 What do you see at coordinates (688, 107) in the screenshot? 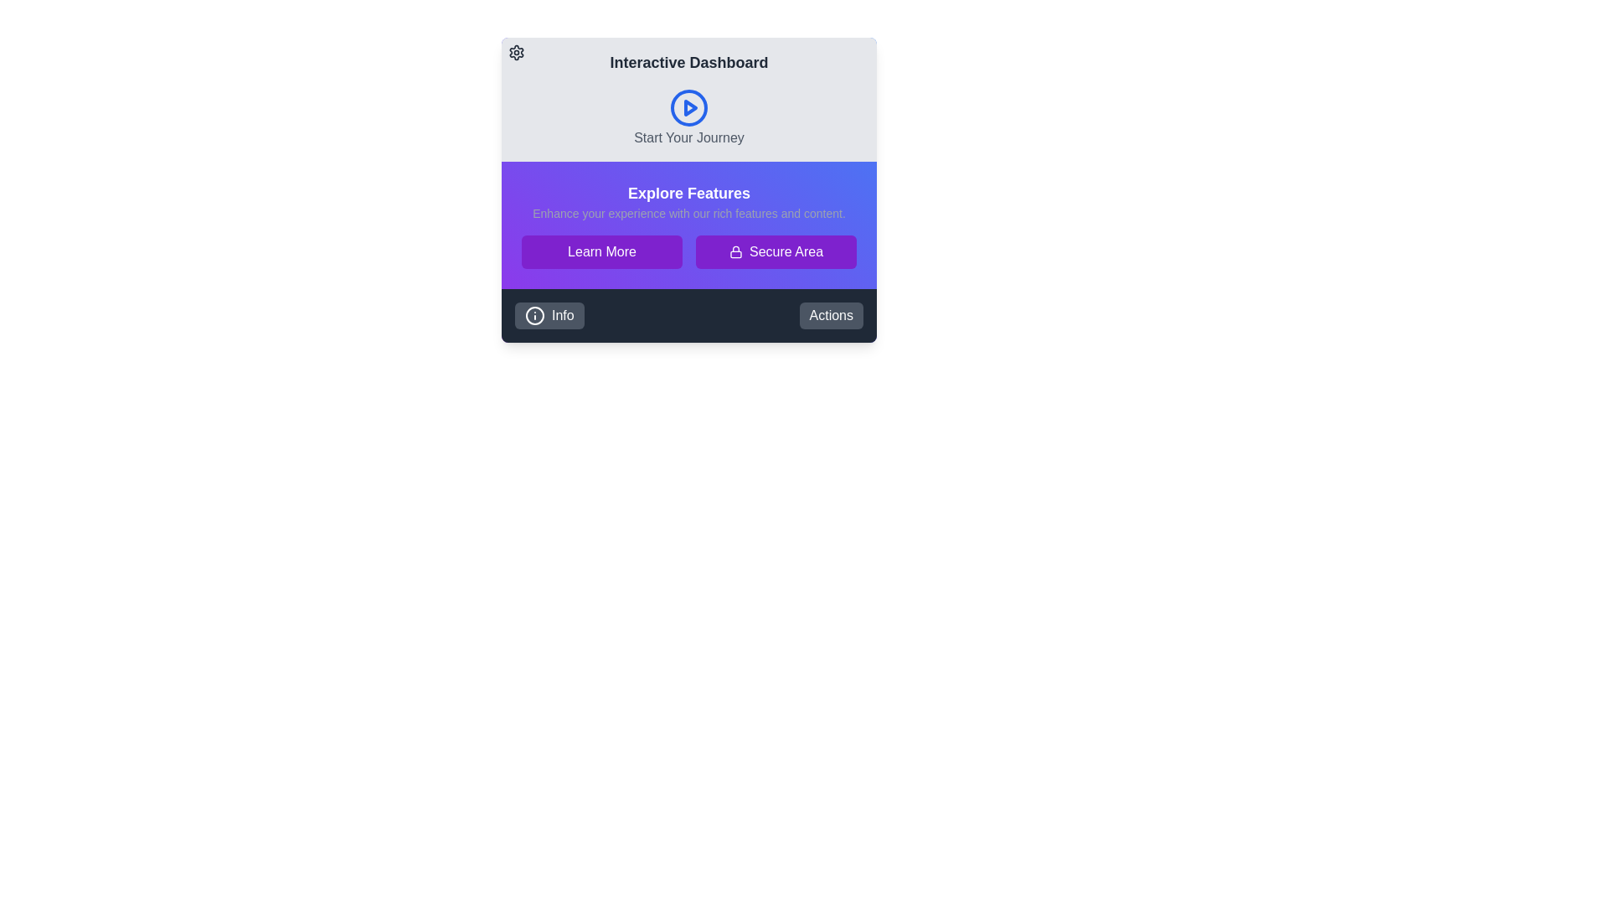
I see `the circular boundary of the 'play' button icon, which is styled with a thin blue stroke and is centrally located under the title 'Interactive Dashboard'` at bounding box center [688, 107].